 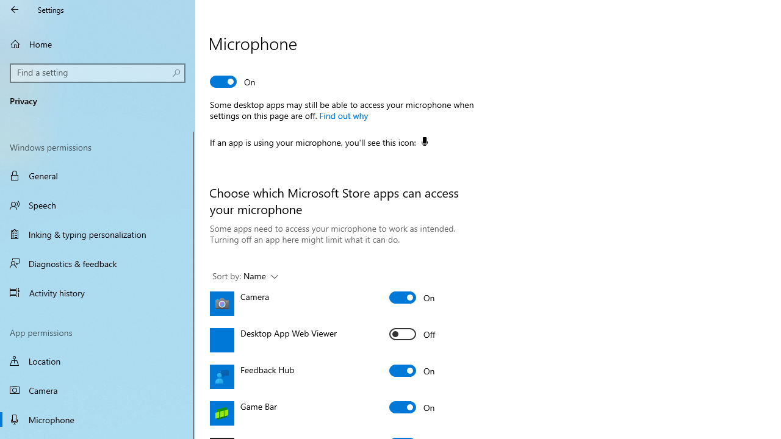 What do you see at coordinates (98, 418) in the screenshot?
I see `'Microphone'` at bounding box center [98, 418].